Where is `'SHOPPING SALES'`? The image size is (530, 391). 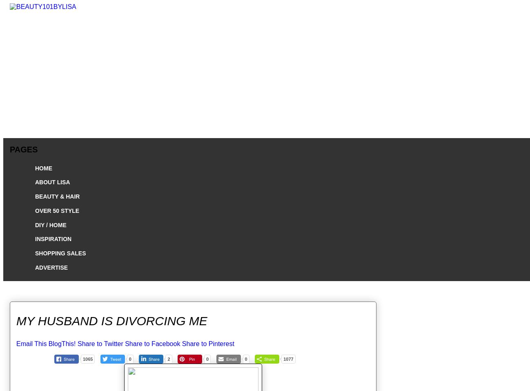 'SHOPPING SALES' is located at coordinates (60, 253).